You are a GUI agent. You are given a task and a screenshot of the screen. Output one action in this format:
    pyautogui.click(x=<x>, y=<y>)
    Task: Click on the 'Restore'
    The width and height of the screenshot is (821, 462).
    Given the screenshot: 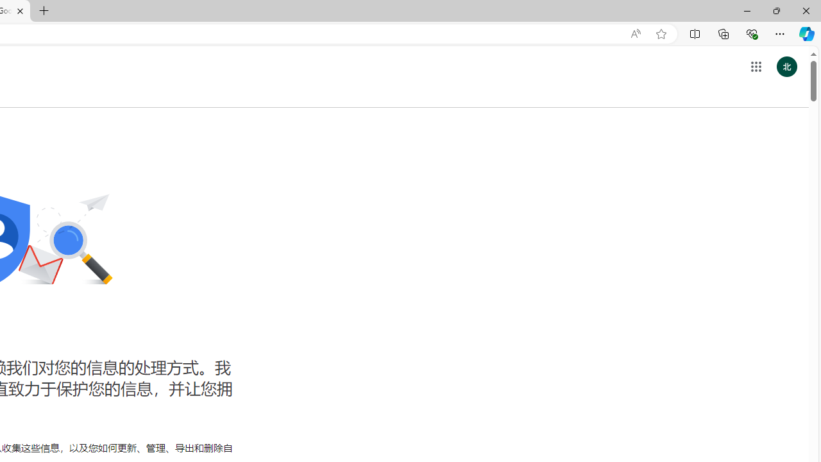 What is the action you would take?
    pyautogui.click(x=775, y=10)
    